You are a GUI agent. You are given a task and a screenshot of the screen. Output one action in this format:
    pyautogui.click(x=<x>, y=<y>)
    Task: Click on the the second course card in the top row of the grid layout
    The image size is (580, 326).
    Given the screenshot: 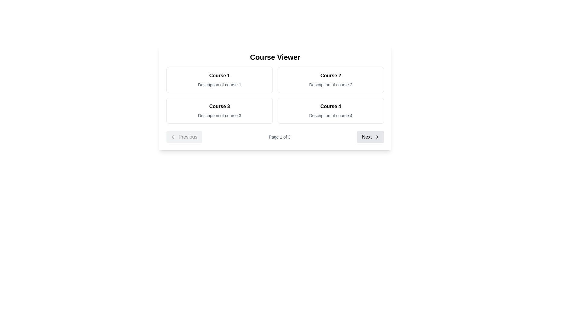 What is the action you would take?
    pyautogui.click(x=330, y=80)
    